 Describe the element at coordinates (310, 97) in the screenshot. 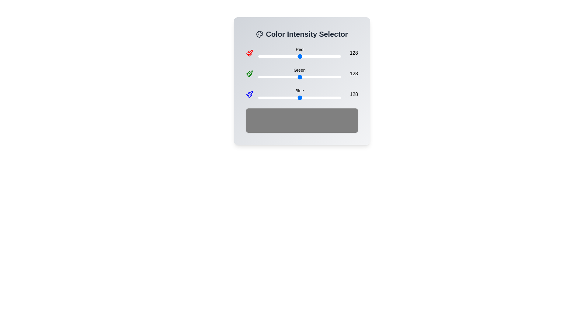

I see `the blue color intensity` at that location.